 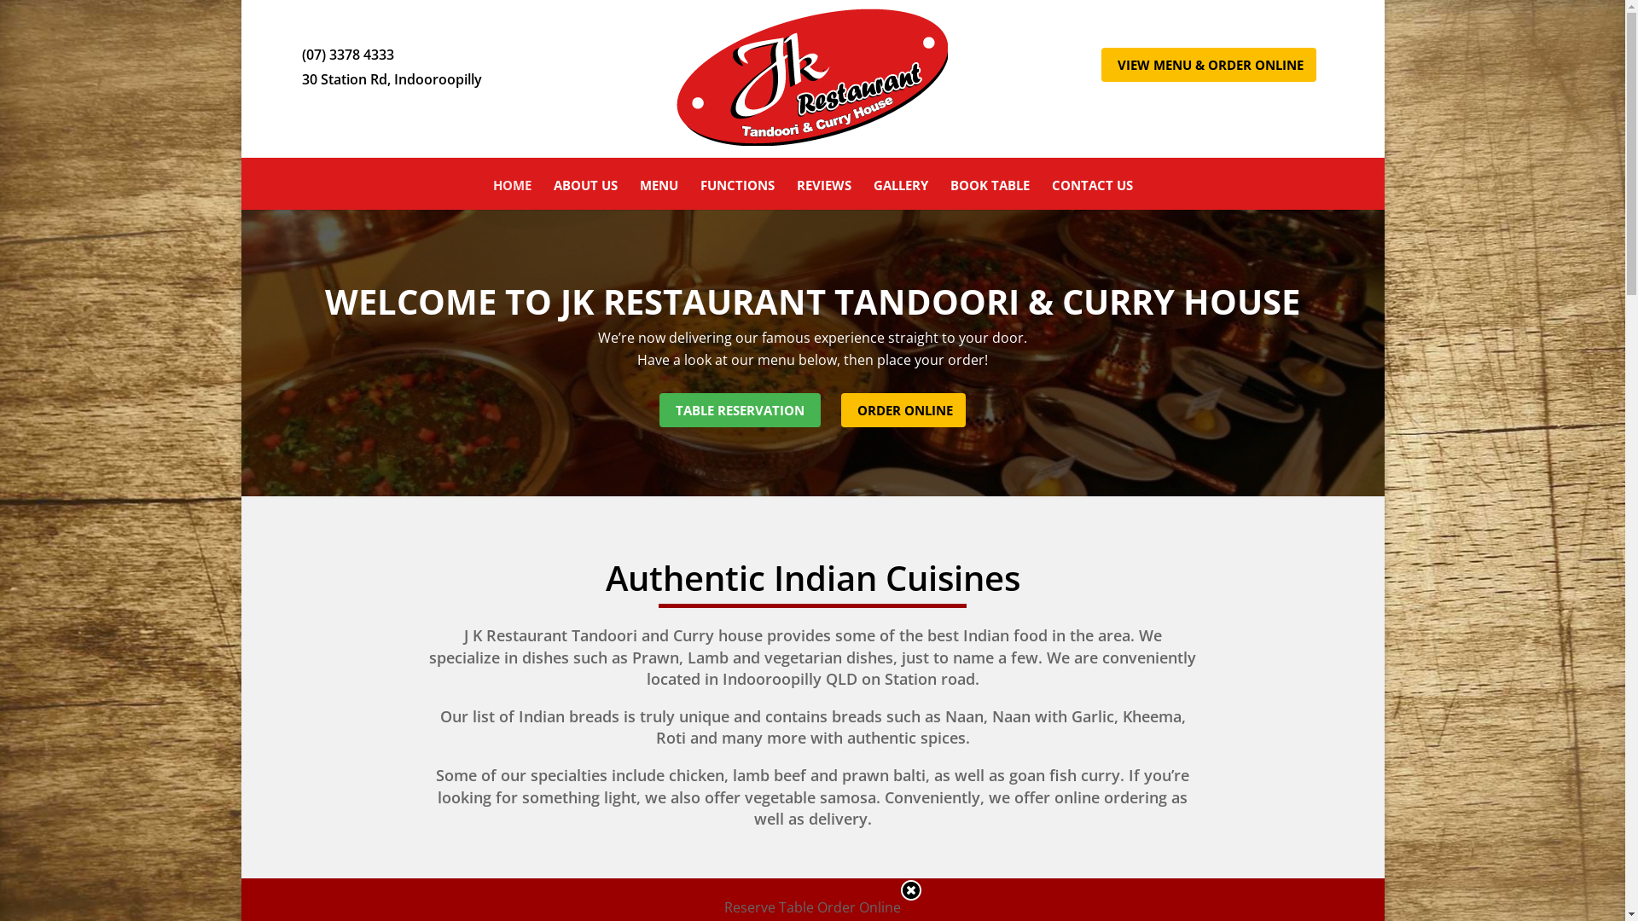 I want to click on 'GALLERY', so click(x=873, y=193).